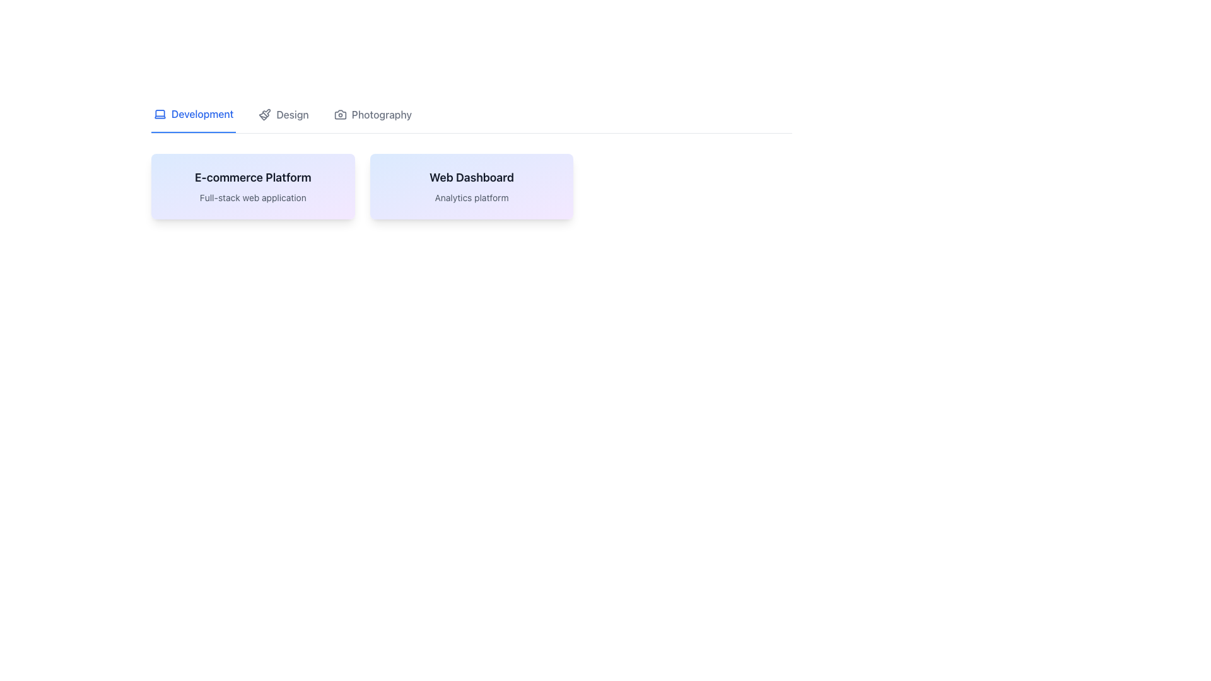  What do you see at coordinates (160, 114) in the screenshot?
I see `the decorative icon for the 'Development' section located to the left of the label 'Development' in the navigation bar` at bounding box center [160, 114].